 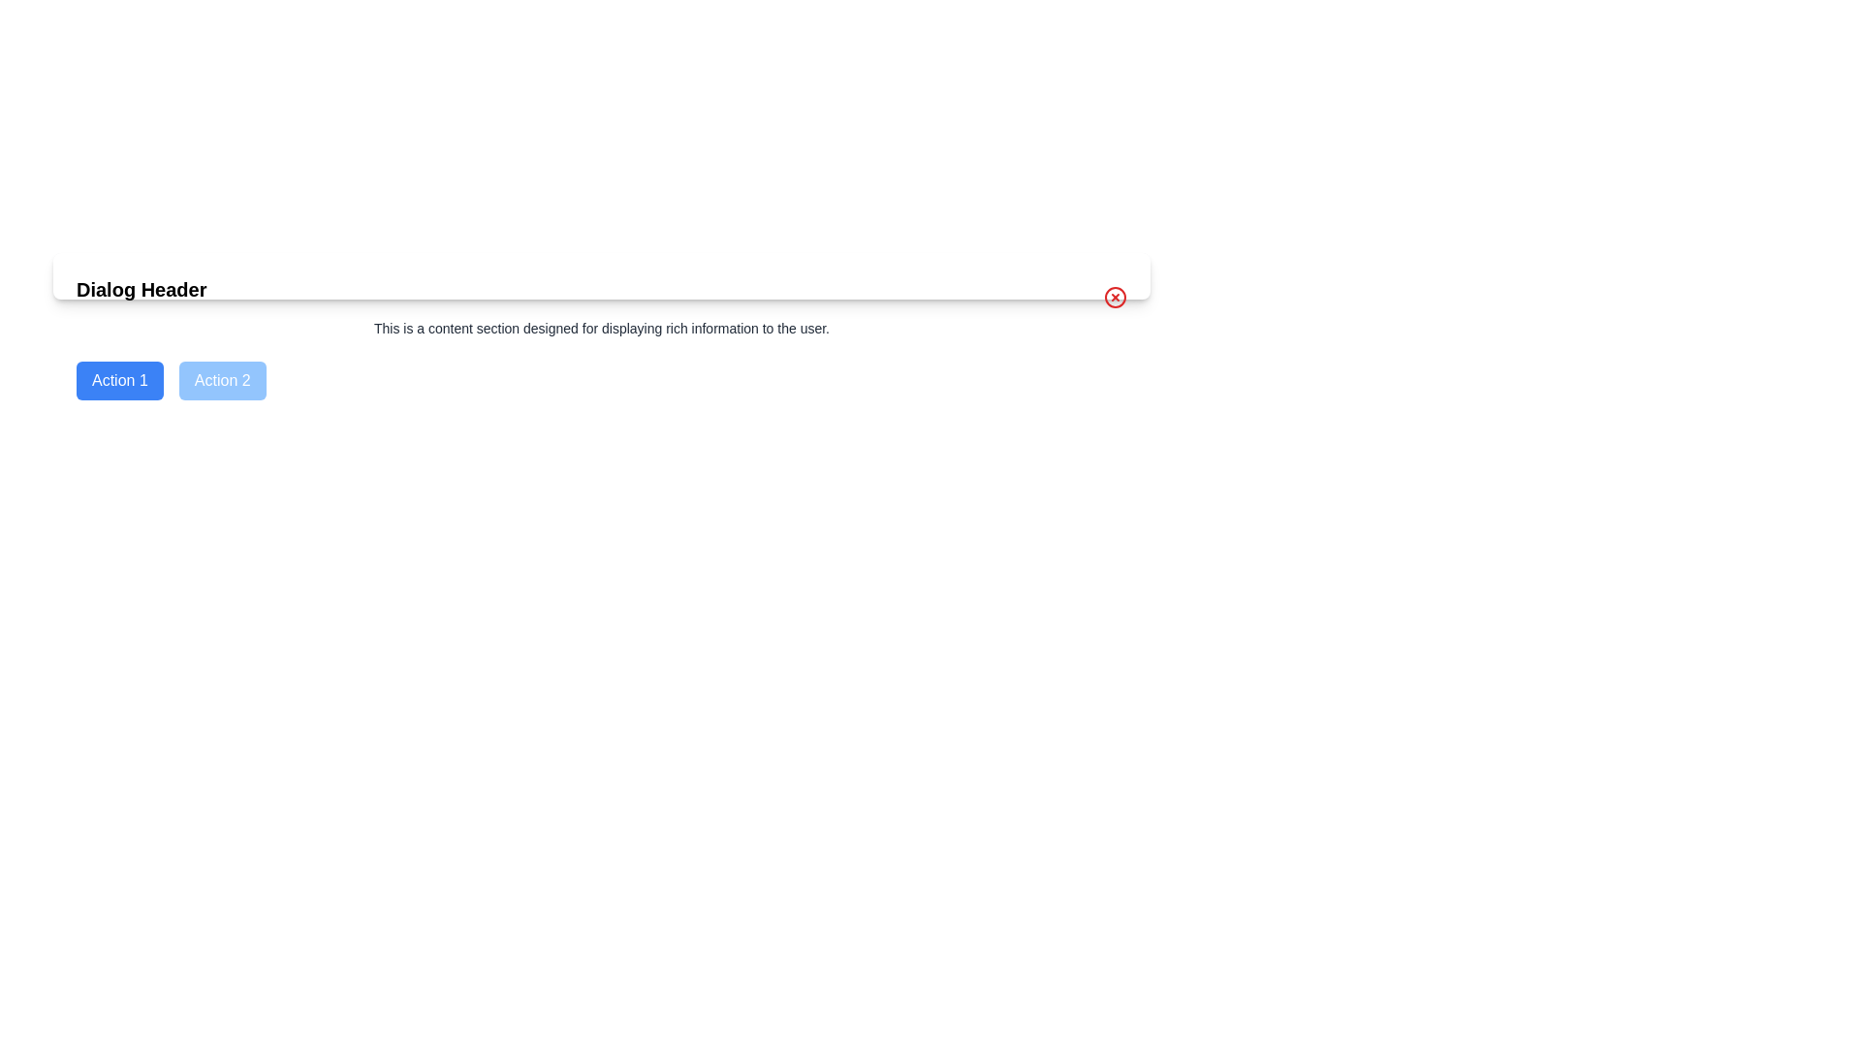 What do you see at coordinates (118, 381) in the screenshot?
I see `the blue button labeled 'Action 1'` at bounding box center [118, 381].